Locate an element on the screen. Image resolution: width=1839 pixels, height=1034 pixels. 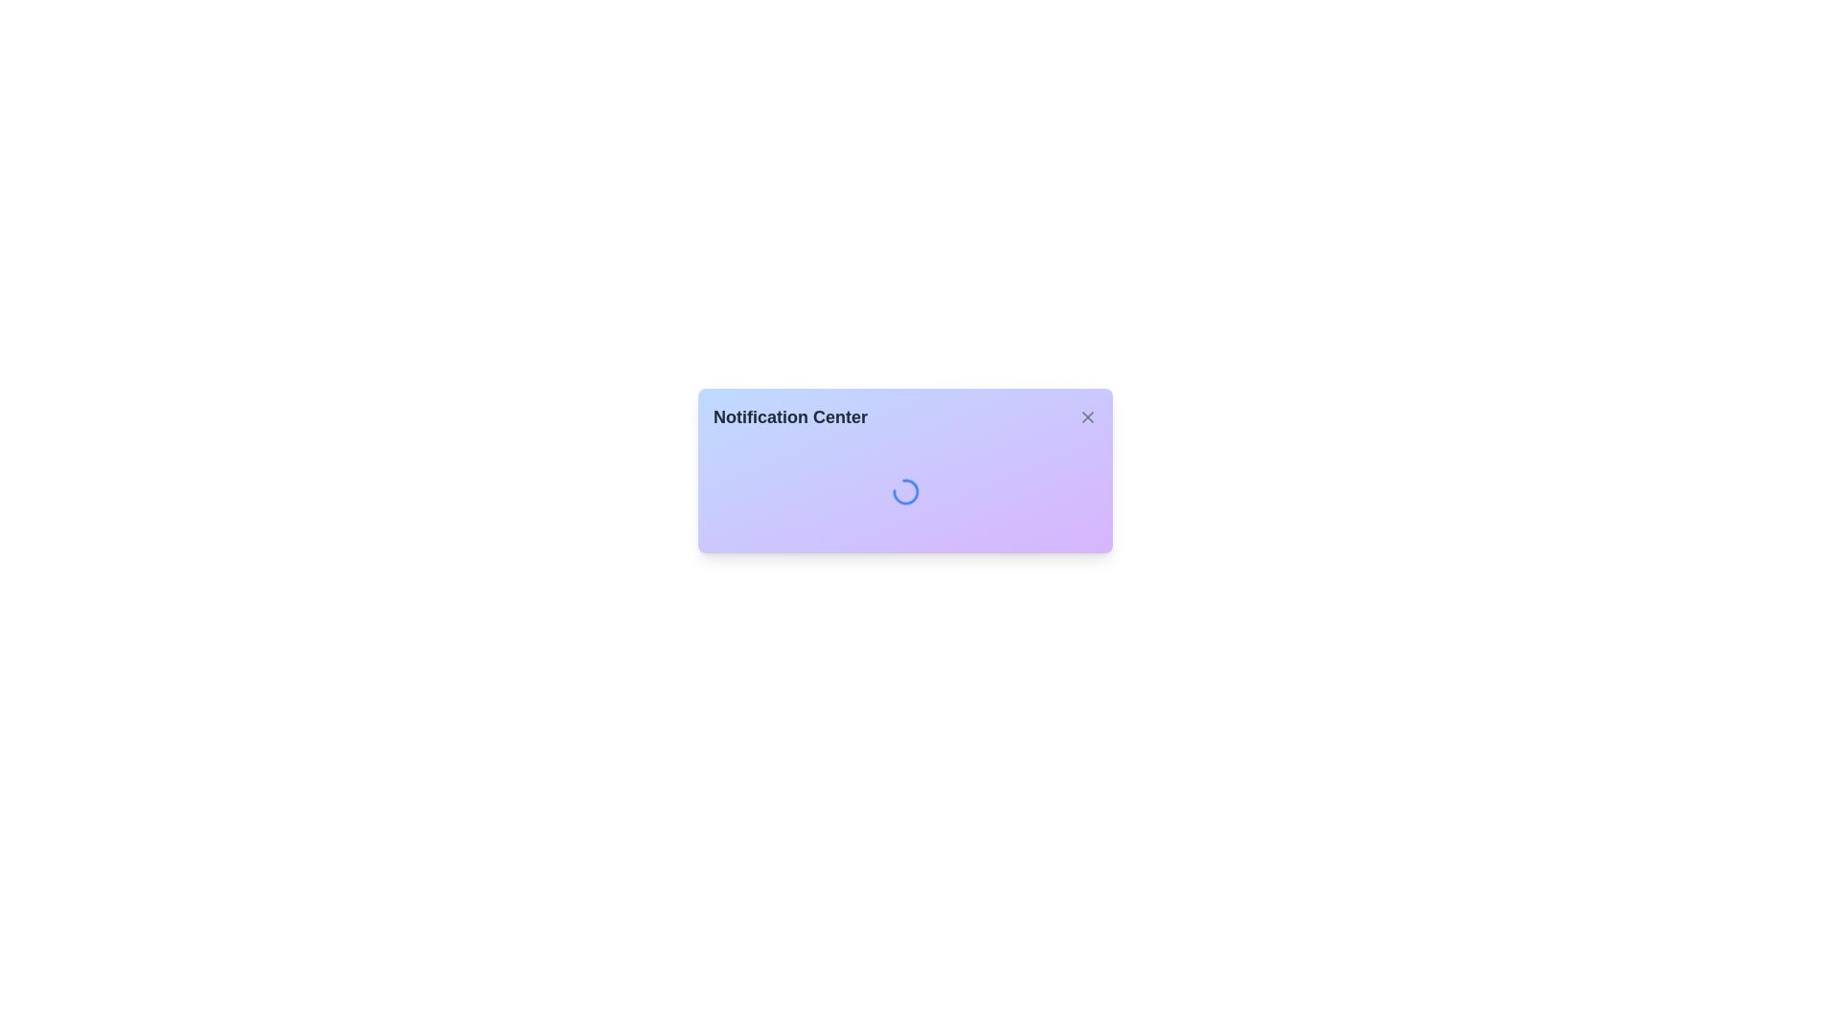
the animated graphic element, which is a blue curved line forming part of a circle, located in the Notification Center dialog box is located at coordinates (904, 490).